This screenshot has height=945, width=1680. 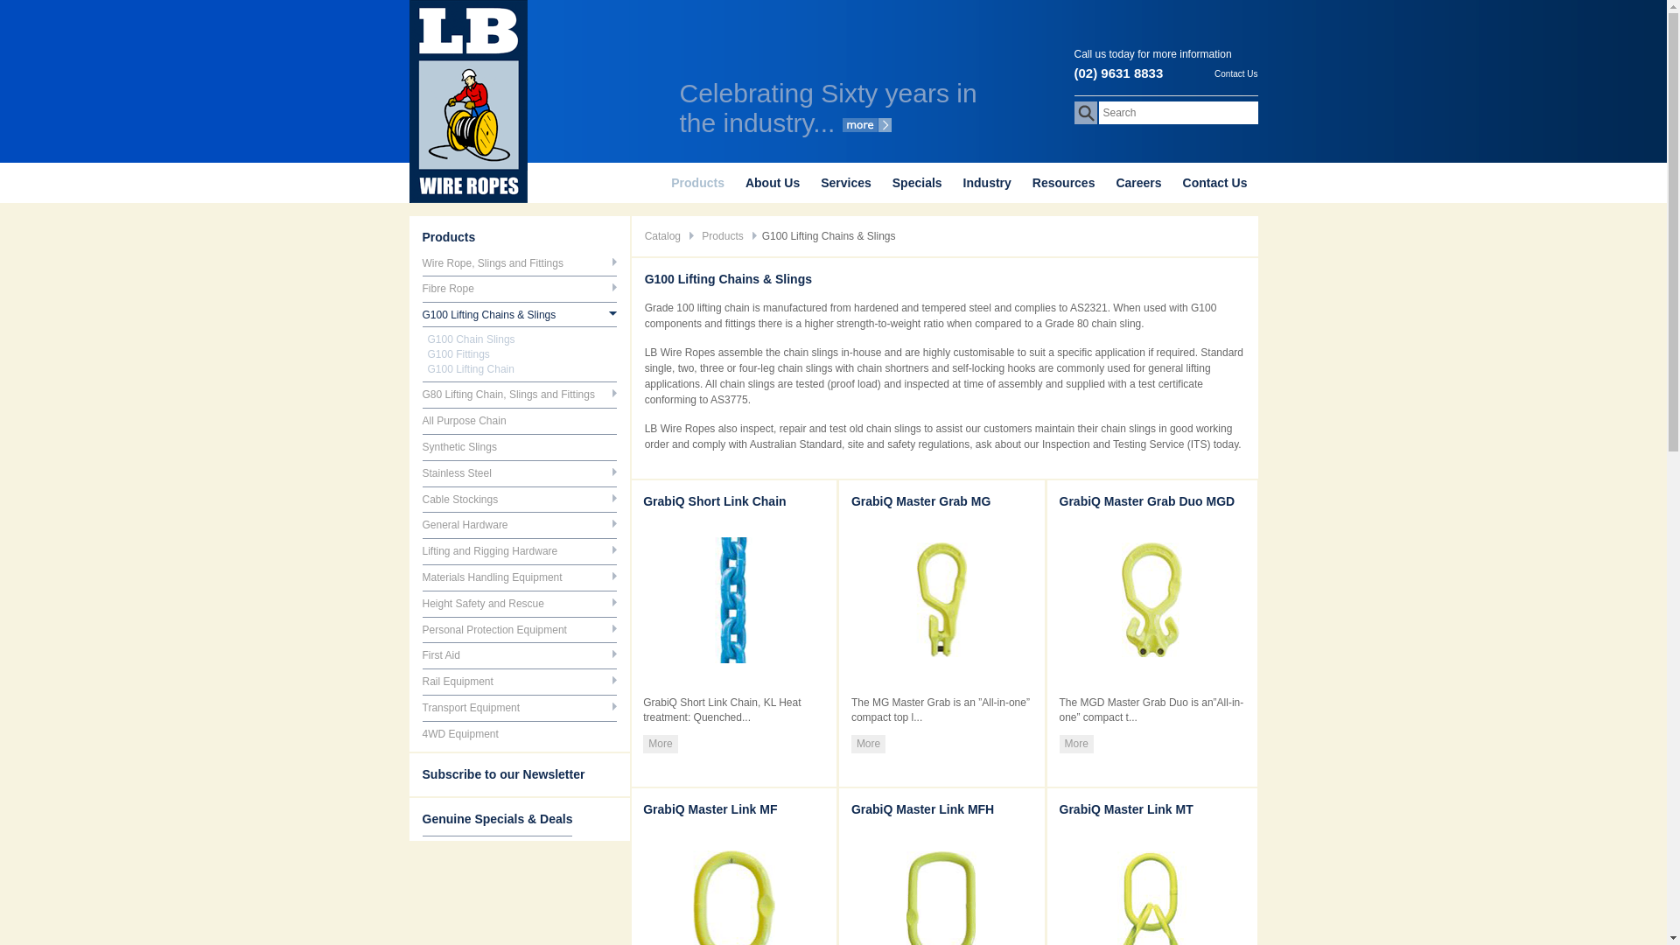 What do you see at coordinates (490, 577) in the screenshot?
I see `'Materials Handling Equipment'` at bounding box center [490, 577].